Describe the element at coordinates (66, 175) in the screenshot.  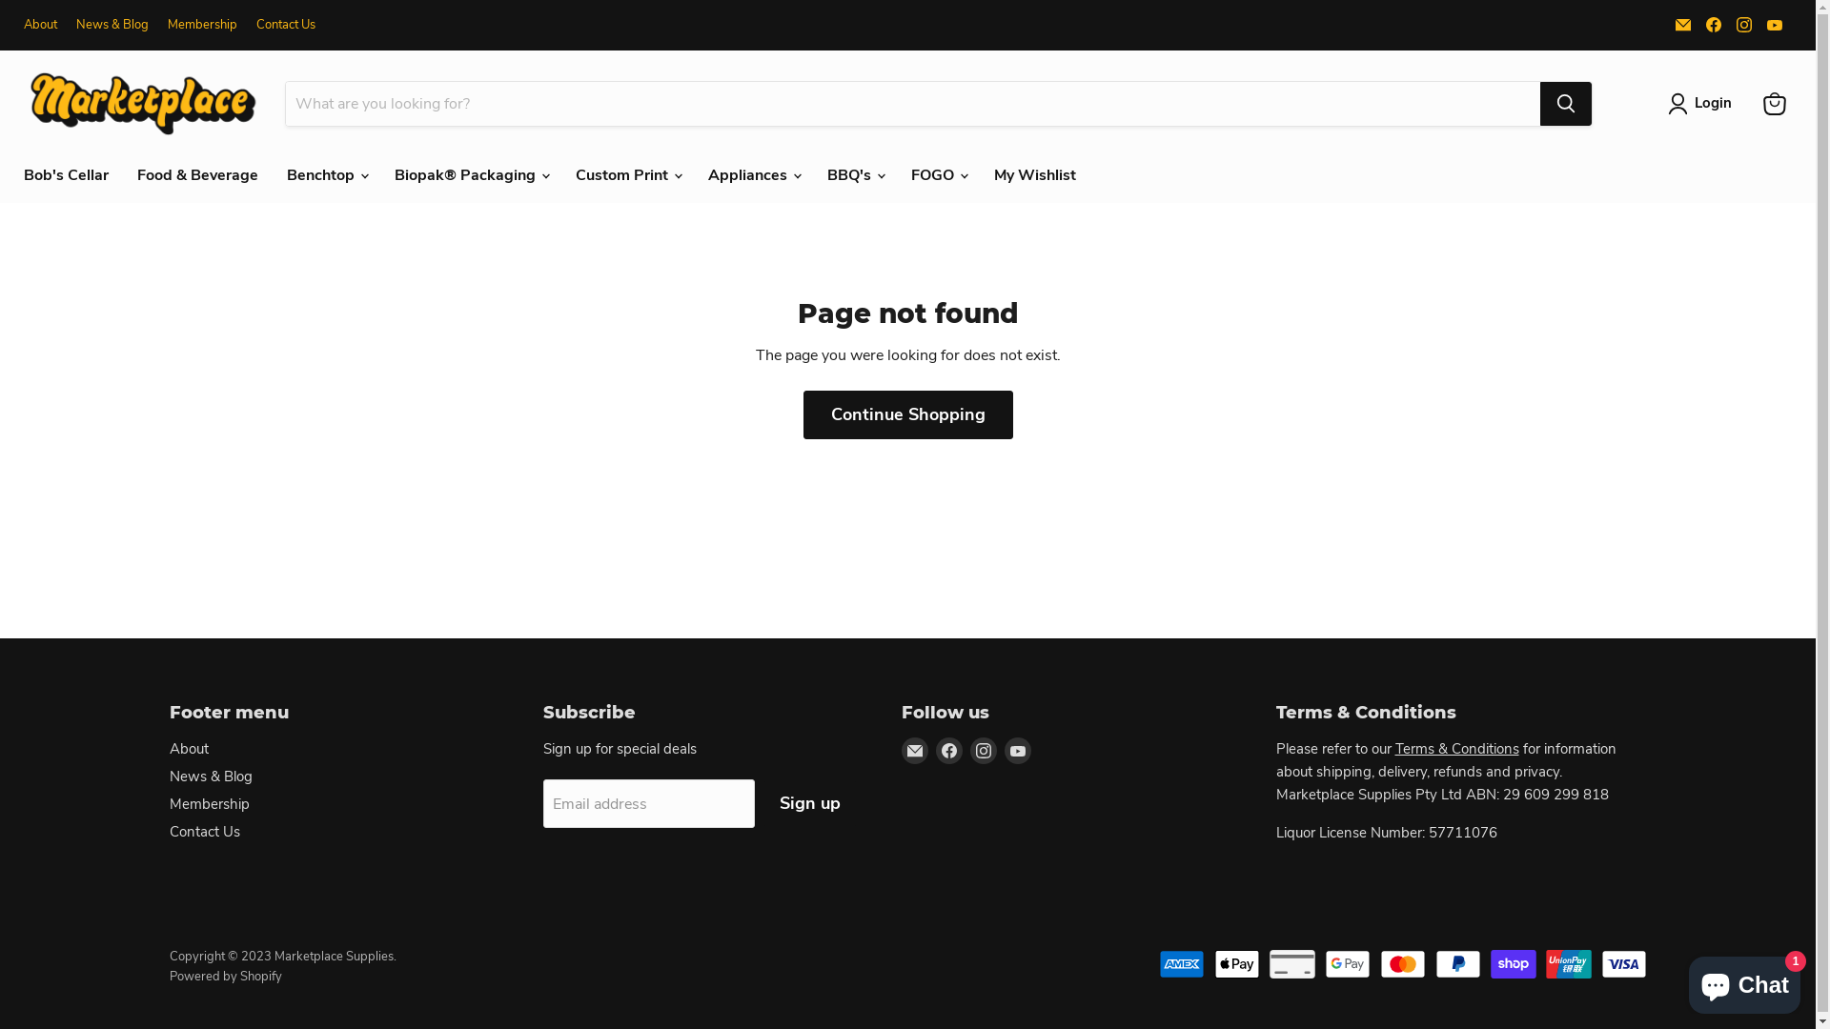
I see `'Bob's Cellar'` at that location.